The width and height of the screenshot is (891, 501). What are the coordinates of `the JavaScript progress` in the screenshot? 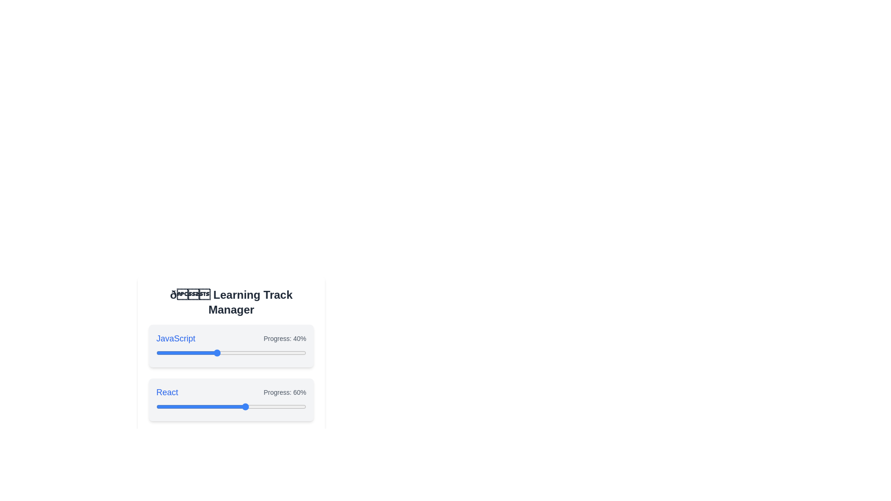 It's located at (170, 353).